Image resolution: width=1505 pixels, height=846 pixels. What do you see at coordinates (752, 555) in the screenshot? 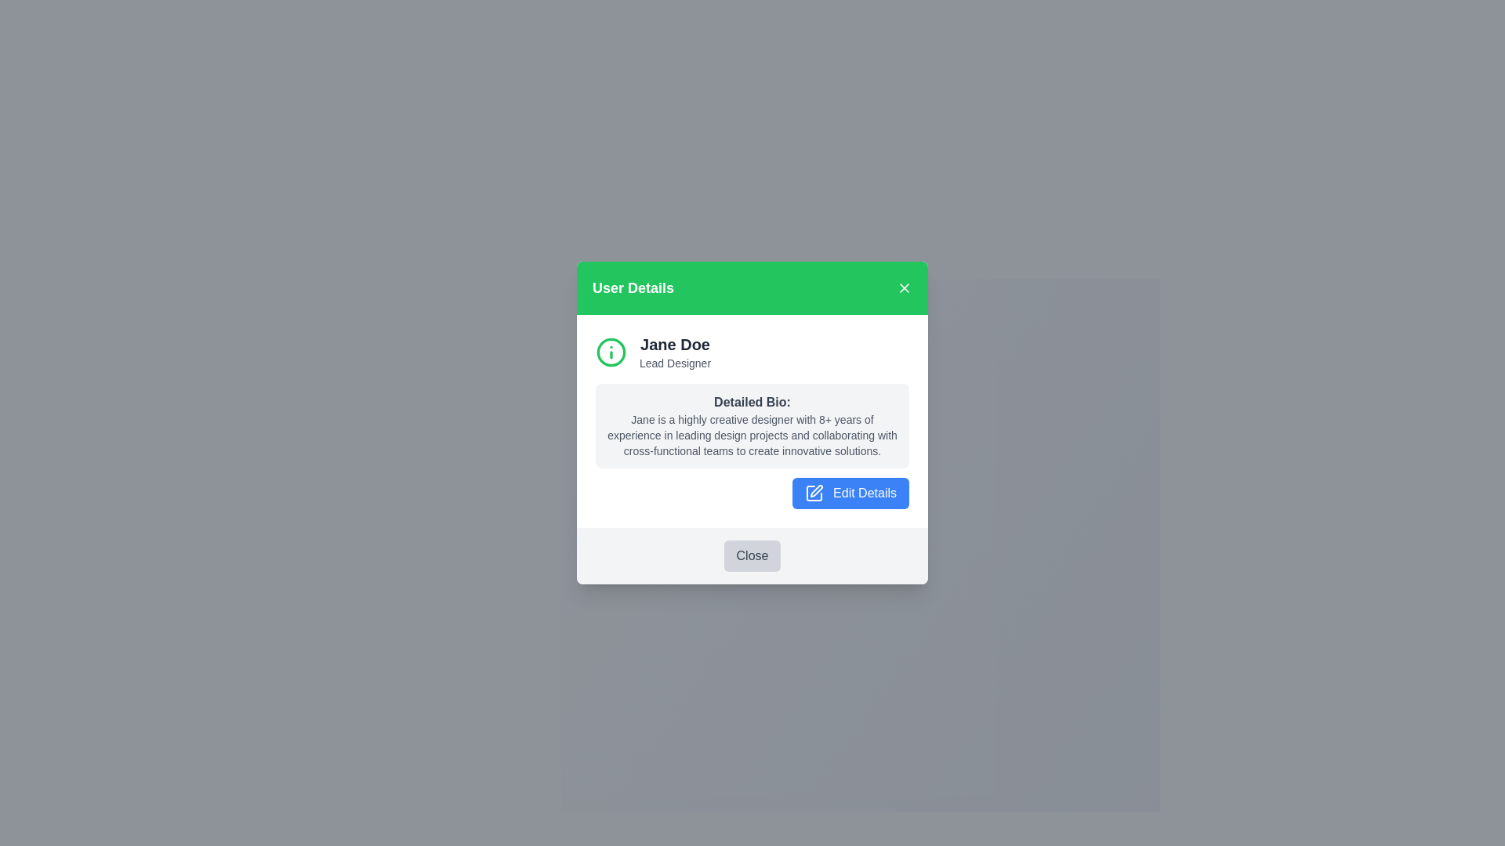
I see `the closure button for the modal dialog titled 'User Details'` at bounding box center [752, 555].